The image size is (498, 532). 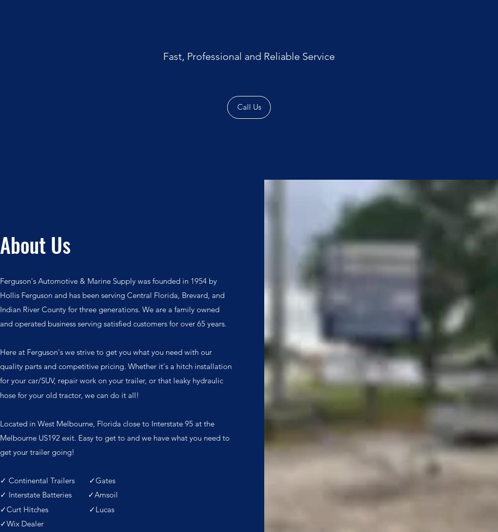 What do you see at coordinates (236, 106) in the screenshot?
I see `'Call Us'` at bounding box center [236, 106].